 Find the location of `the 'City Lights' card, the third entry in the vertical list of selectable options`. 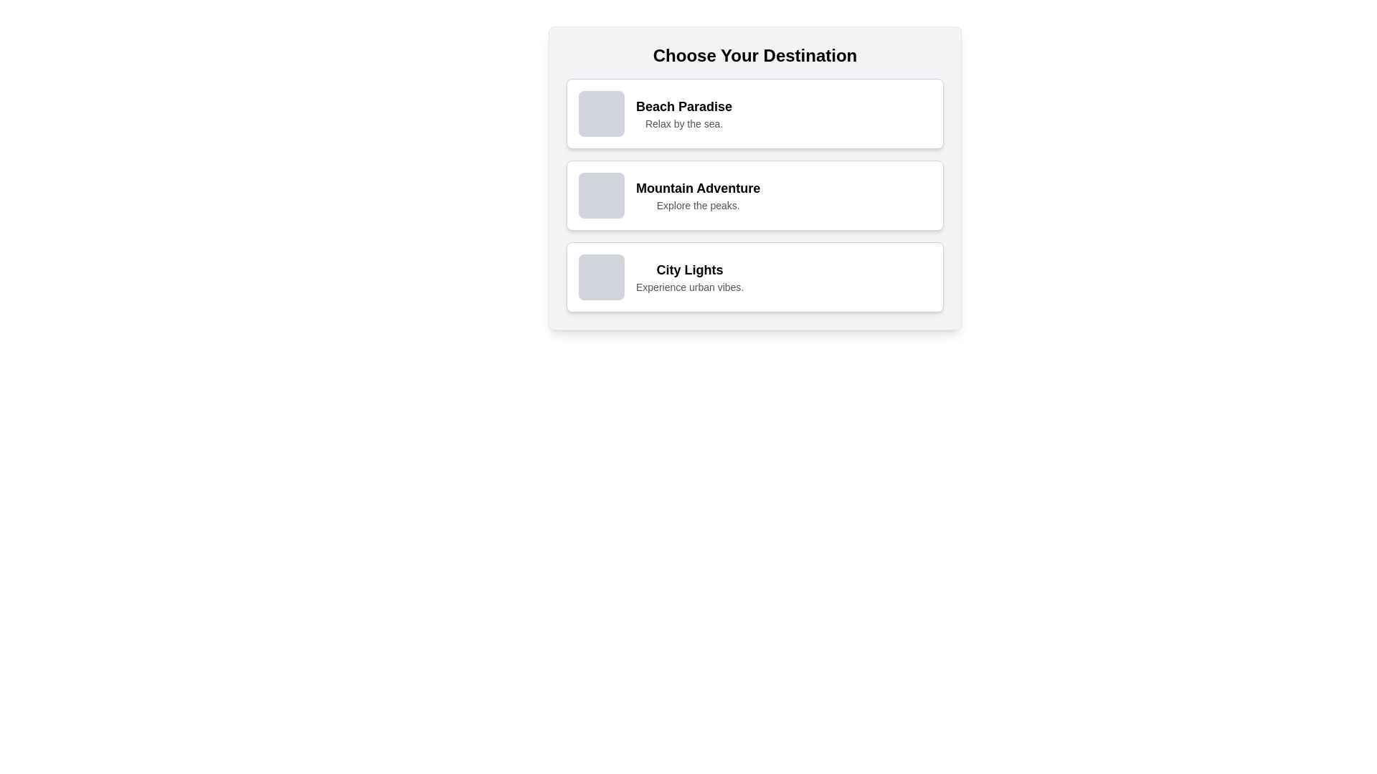

the 'City Lights' card, the third entry in the vertical list of selectable options is located at coordinates (754, 277).